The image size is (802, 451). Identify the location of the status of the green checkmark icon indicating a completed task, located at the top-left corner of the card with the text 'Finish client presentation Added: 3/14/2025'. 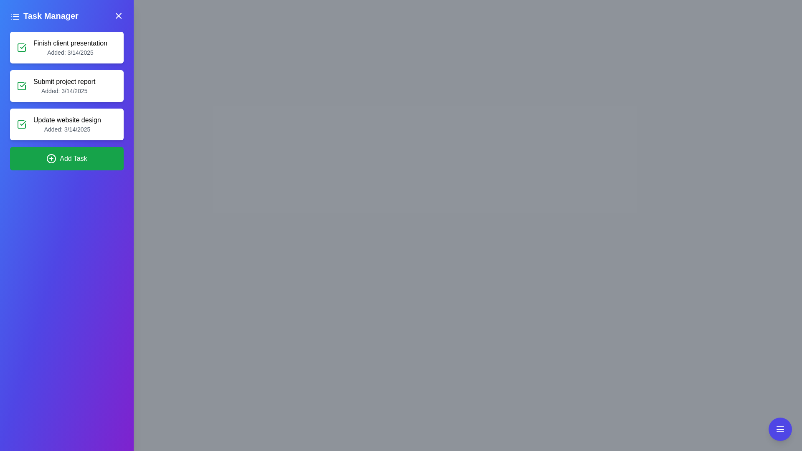
(22, 48).